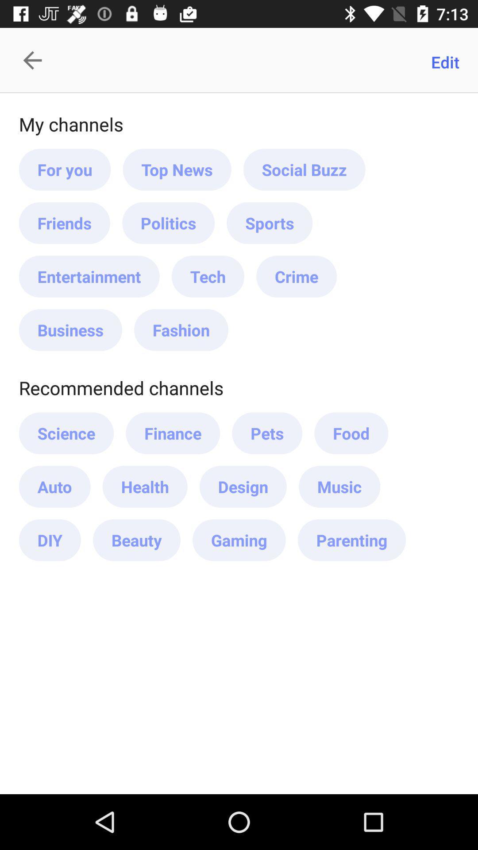 This screenshot has height=850, width=478. What do you see at coordinates (37, 60) in the screenshot?
I see `the arrow_backward icon` at bounding box center [37, 60].